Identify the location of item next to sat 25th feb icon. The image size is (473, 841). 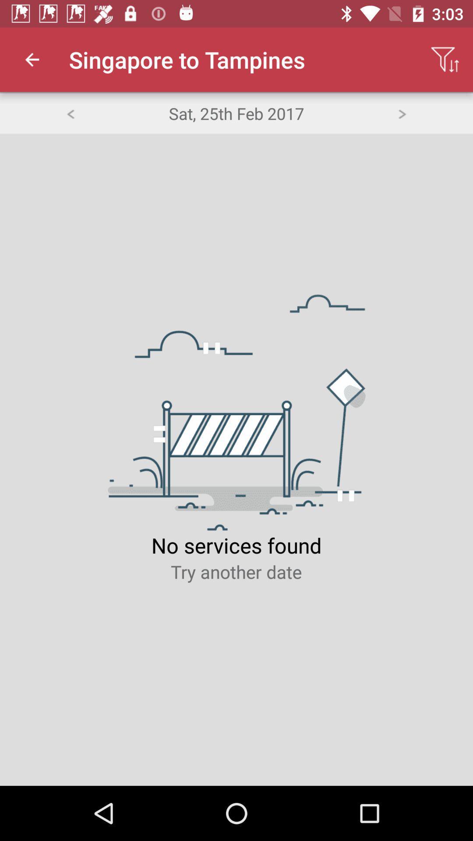
(70, 113).